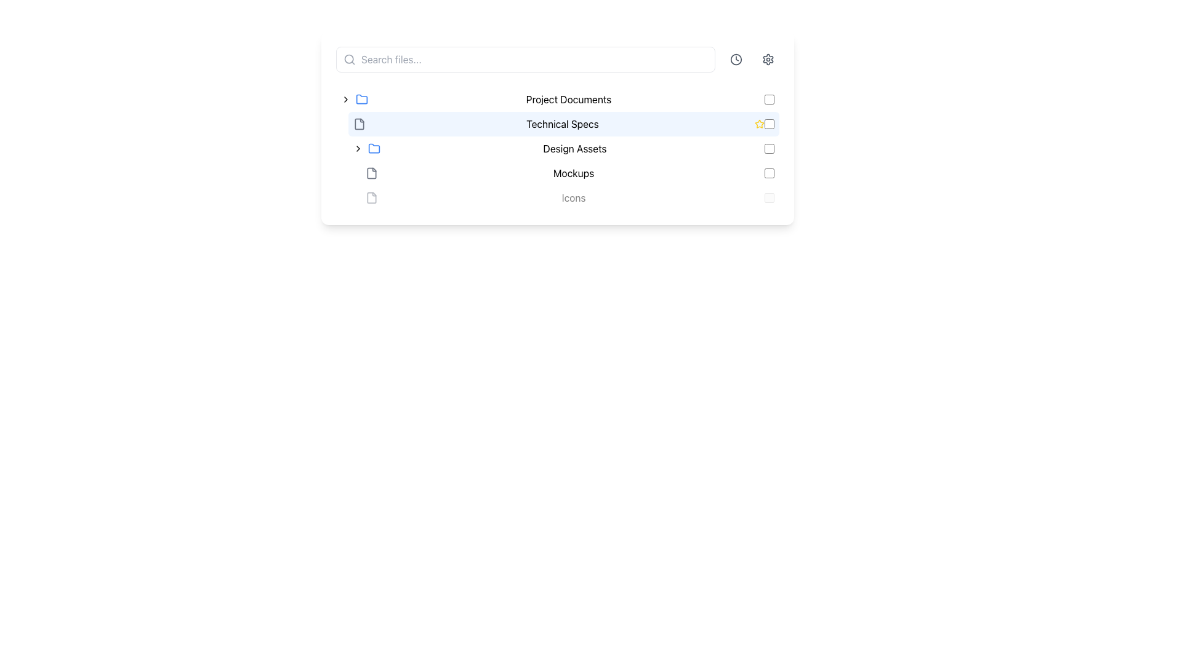 This screenshot has height=664, width=1182. Describe the element at coordinates (768, 59) in the screenshot. I see `the circular settings icon with gear-like edges located in the top-right corner of the interface to trigger hover effects` at that location.